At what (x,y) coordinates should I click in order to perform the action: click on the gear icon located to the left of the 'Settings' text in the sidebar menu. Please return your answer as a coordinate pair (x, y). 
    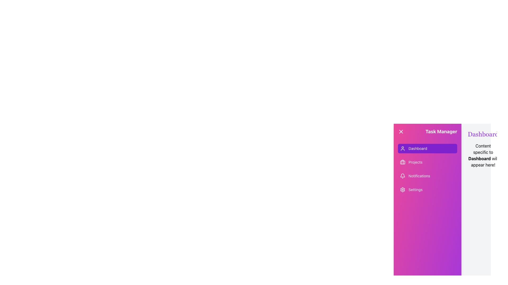
    Looking at the image, I should click on (402, 189).